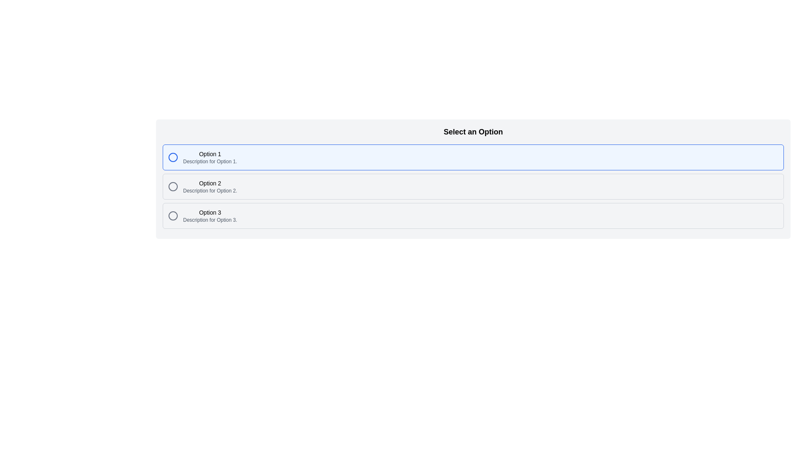 This screenshot has height=451, width=801. What do you see at coordinates (210, 190) in the screenshot?
I see `the static text reading 'Description for Option 2.' located under the 'Option 2' entry in the selectable options list` at bounding box center [210, 190].